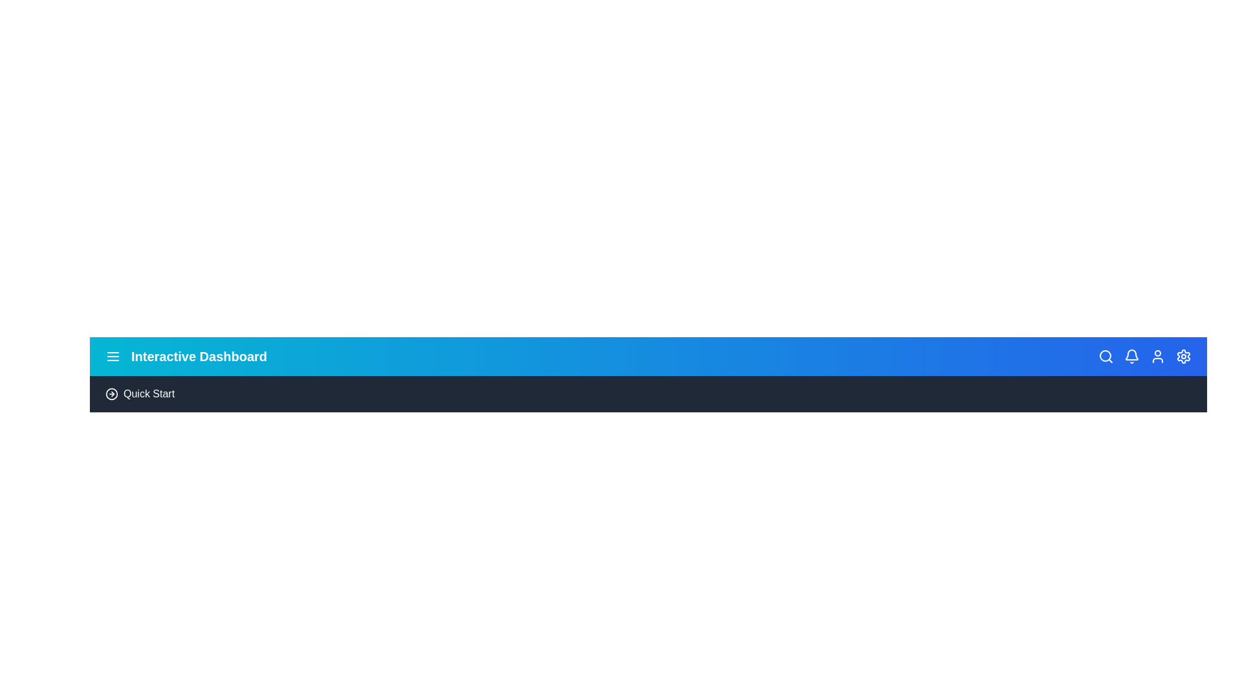 The height and width of the screenshot is (699, 1242). I want to click on the search icon to initiate a search, so click(1105, 357).